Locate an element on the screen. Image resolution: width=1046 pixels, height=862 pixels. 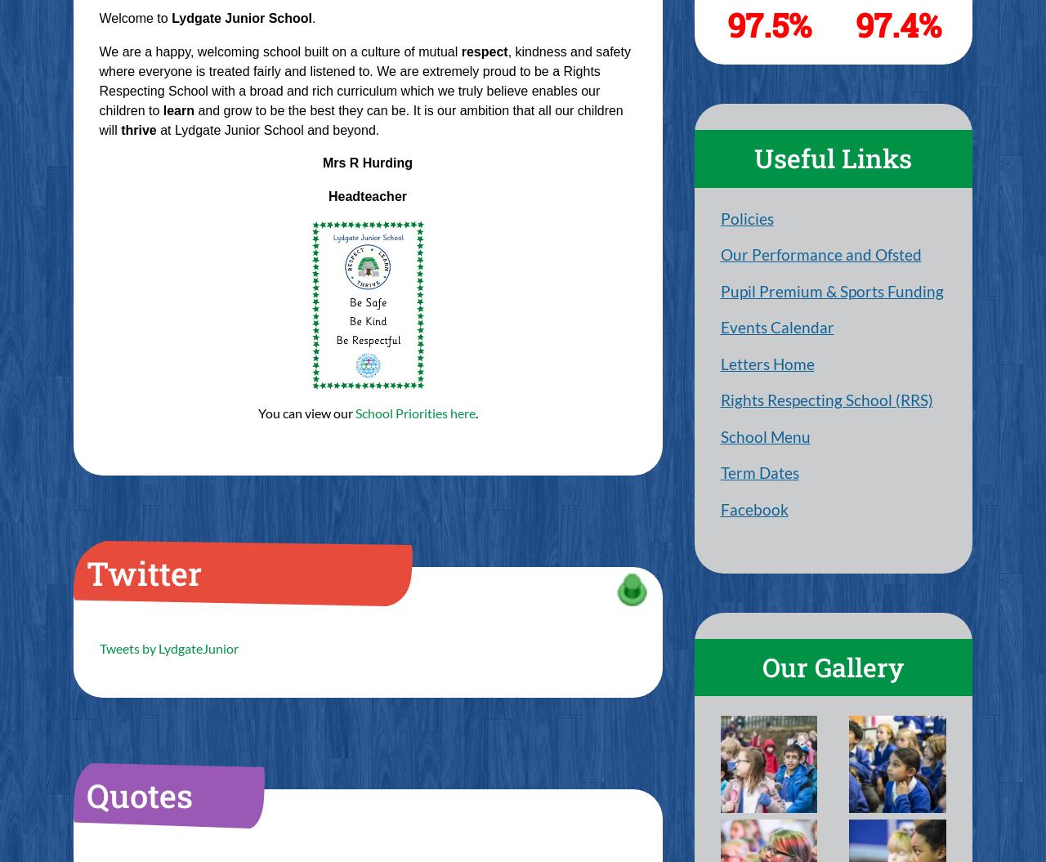
'Policies' is located at coordinates (745, 217).